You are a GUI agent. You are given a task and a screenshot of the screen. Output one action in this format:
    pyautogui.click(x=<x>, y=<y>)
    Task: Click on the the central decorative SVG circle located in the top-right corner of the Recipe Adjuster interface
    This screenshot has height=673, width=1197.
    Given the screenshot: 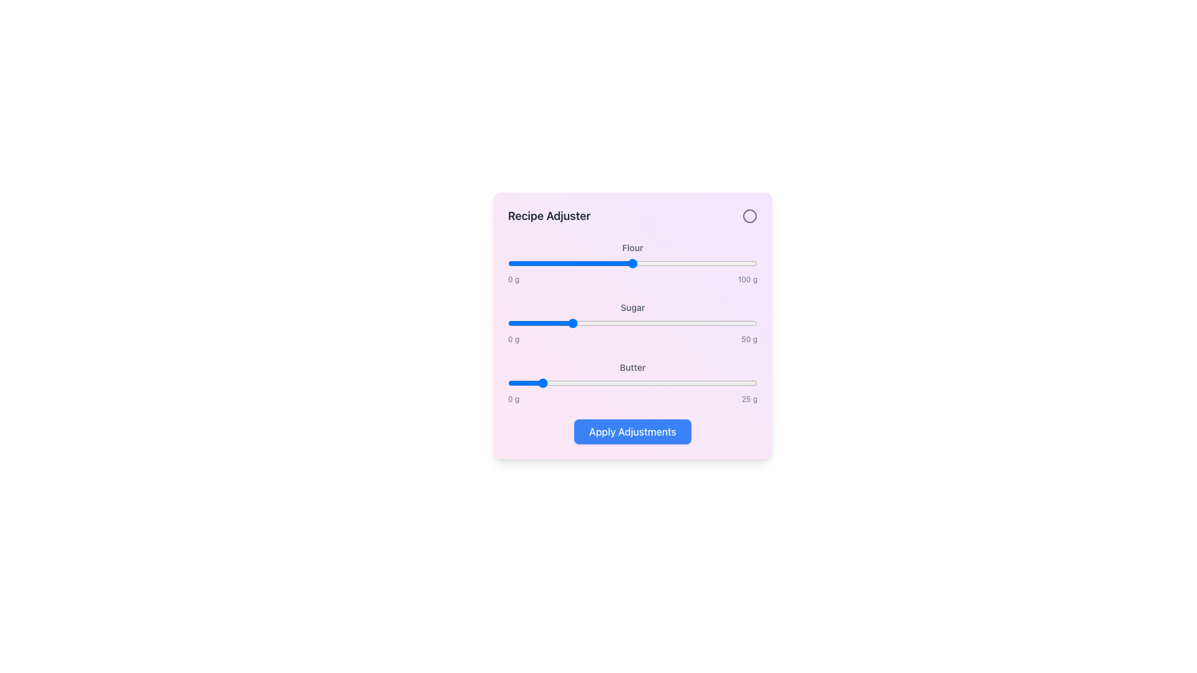 What is the action you would take?
    pyautogui.click(x=749, y=216)
    